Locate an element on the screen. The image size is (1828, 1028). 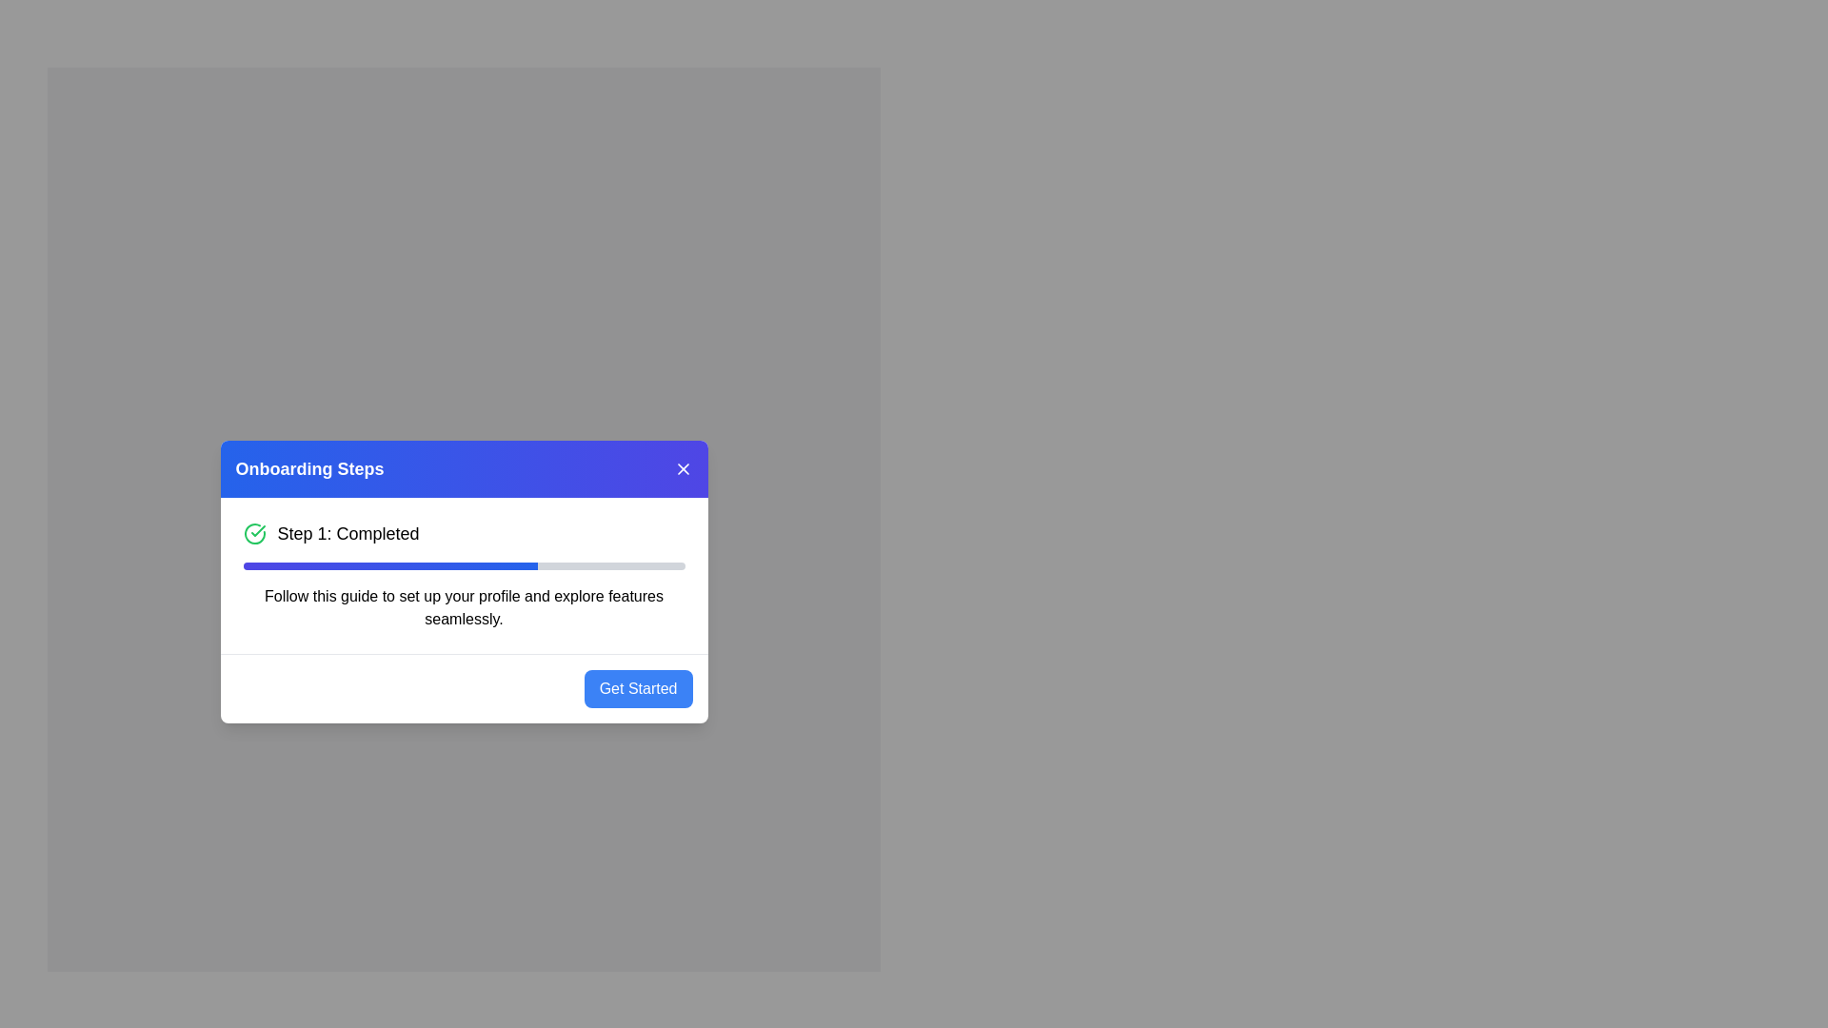
the green checkmark icon within the 'Onboarding Steps' dialog box, adjacent to 'Step 1: Completed' is located at coordinates (256, 530).